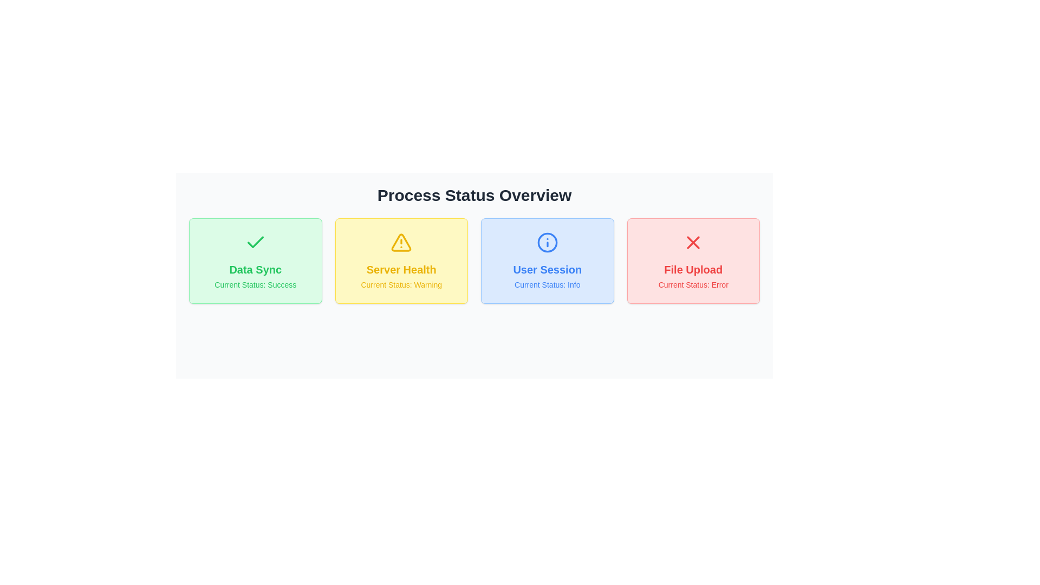  What do you see at coordinates (693, 269) in the screenshot?
I see `the 'File Upload' label located in the red-colored status block, which is the fourth block in the 'Process Status Overview', situated below the 'X' icon and above 'Current Status: Error'` at bounding box center [693, 269].